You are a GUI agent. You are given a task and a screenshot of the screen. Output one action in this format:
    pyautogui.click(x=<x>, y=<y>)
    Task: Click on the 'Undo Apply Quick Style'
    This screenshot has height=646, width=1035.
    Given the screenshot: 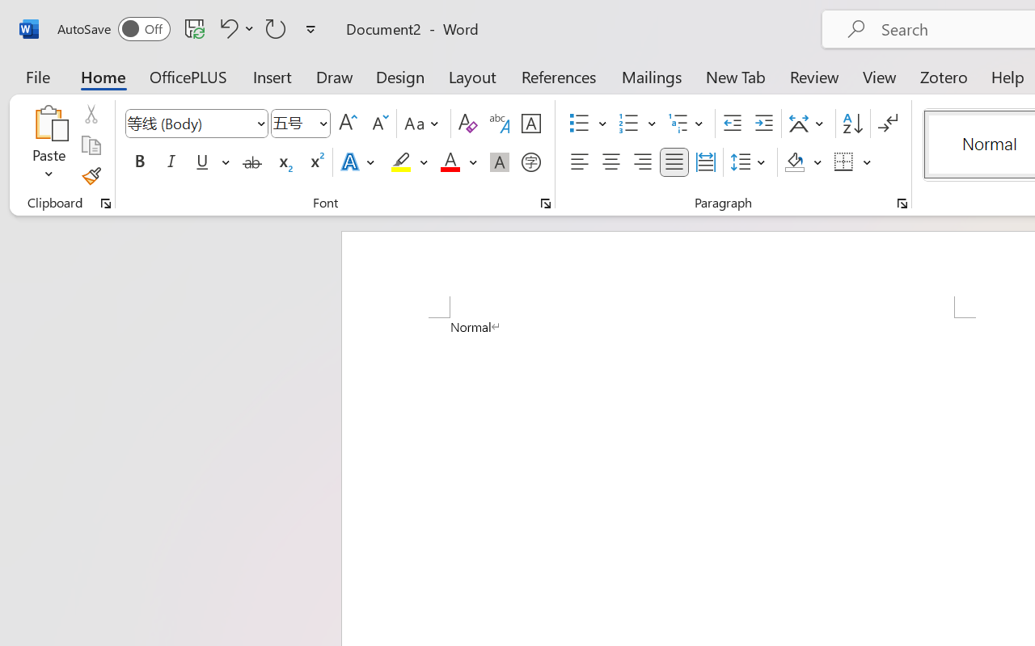 What is the action you would take?
    pyautogui.click(x=234, y=27)
    